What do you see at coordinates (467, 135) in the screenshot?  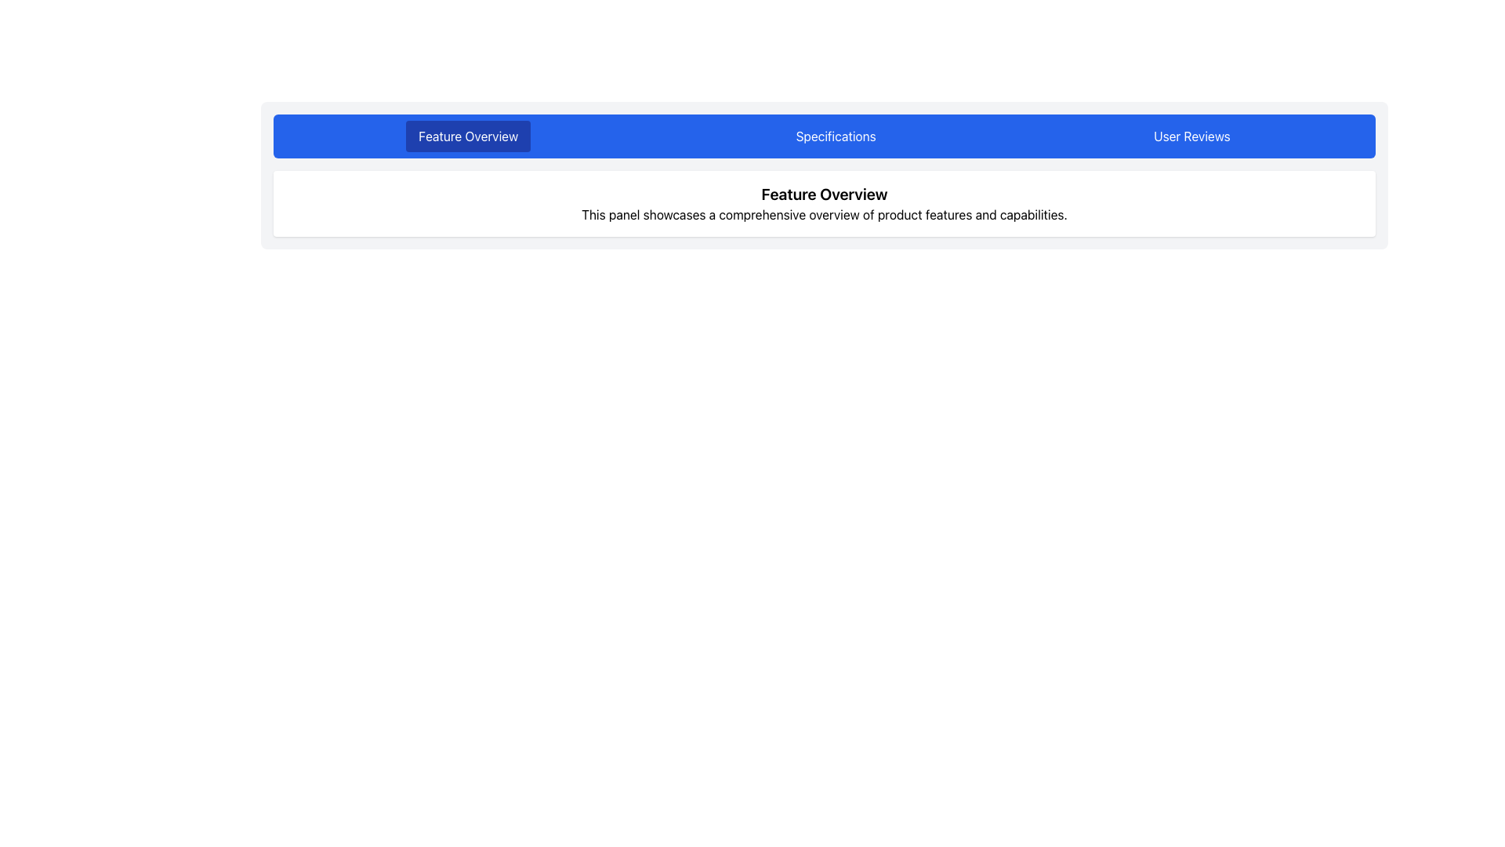 I see `the 'Feature Overview' button, which is a rectangular button with white text on a blue background, located at the top center of the interface` at bounding box center [467, 135].